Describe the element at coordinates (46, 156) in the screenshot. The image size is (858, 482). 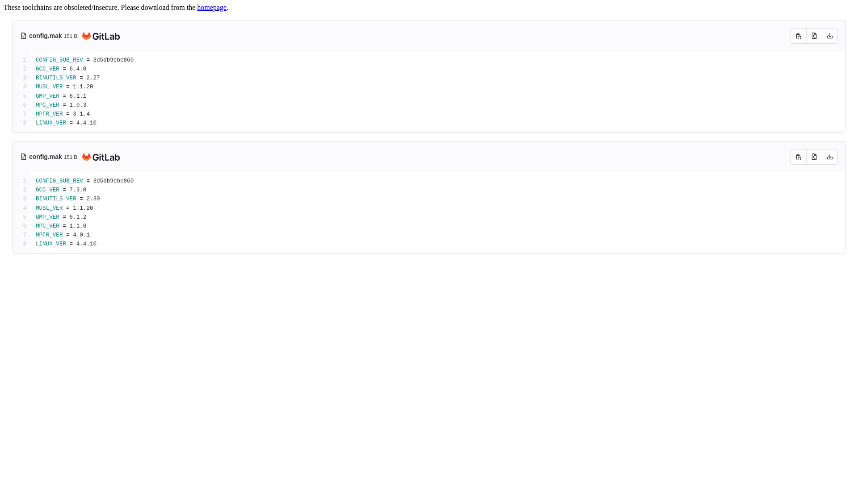
I see `'config.mak'` at that location.